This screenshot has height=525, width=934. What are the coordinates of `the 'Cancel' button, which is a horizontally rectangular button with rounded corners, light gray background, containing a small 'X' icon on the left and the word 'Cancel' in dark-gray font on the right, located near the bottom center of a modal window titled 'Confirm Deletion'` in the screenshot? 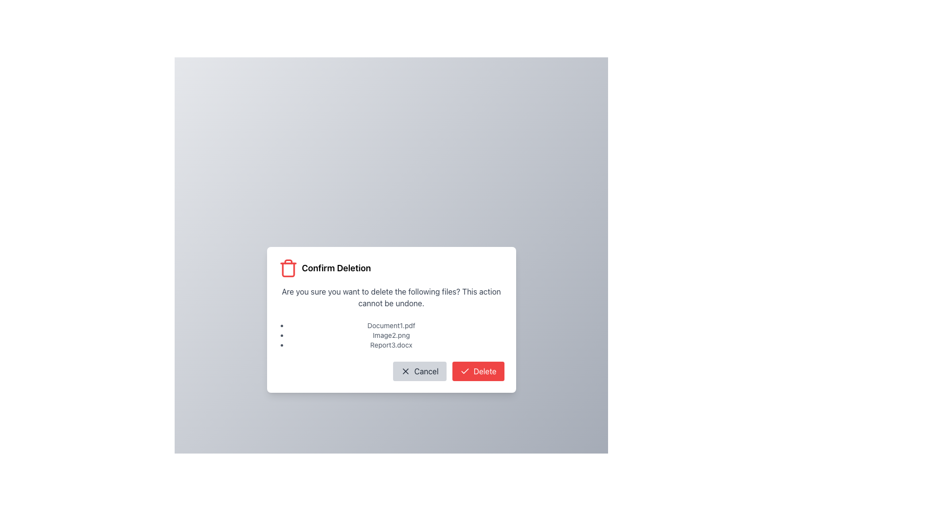 It's located at (419, 371).